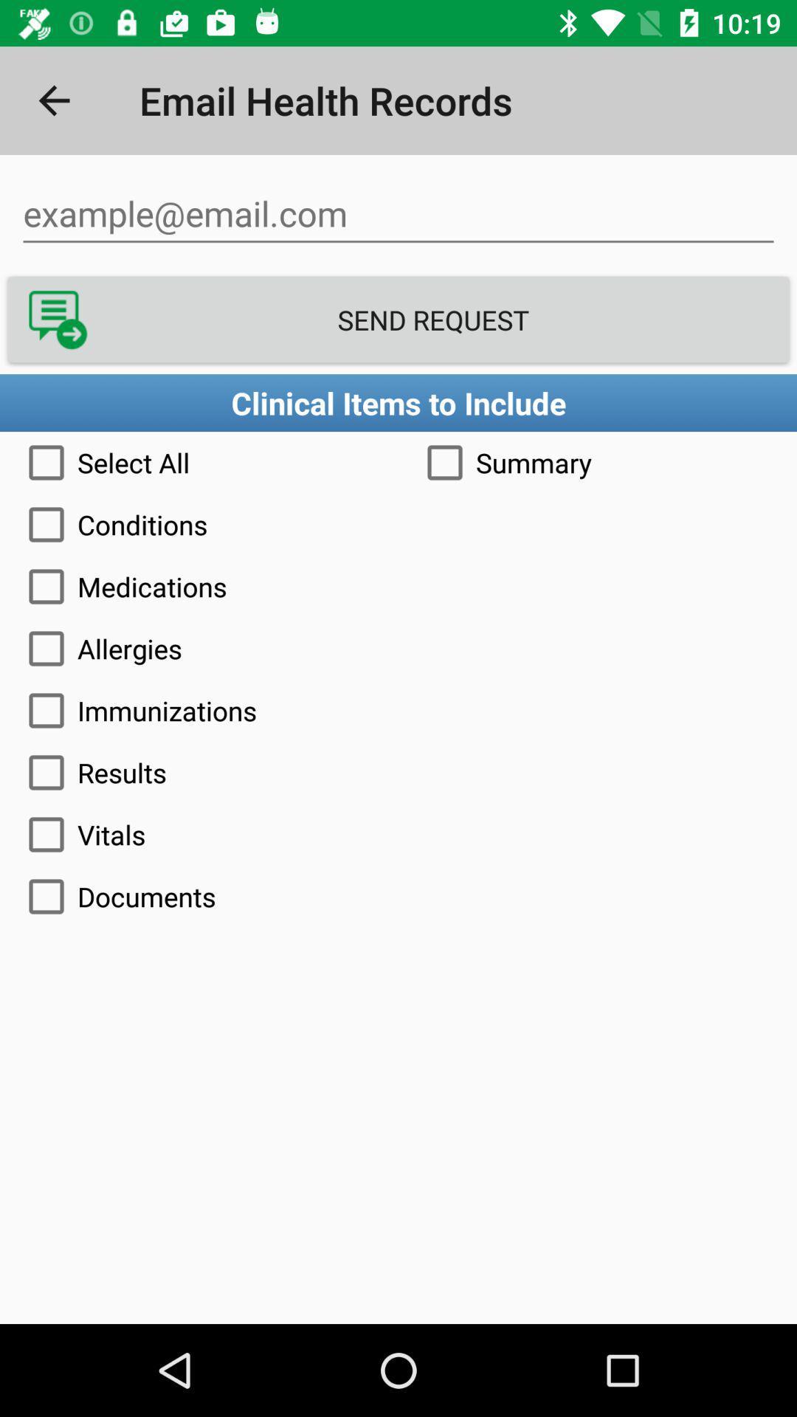 The height and width of the screenshot is (1417, 797). I want to click on allergies icon, so click(398, 648).